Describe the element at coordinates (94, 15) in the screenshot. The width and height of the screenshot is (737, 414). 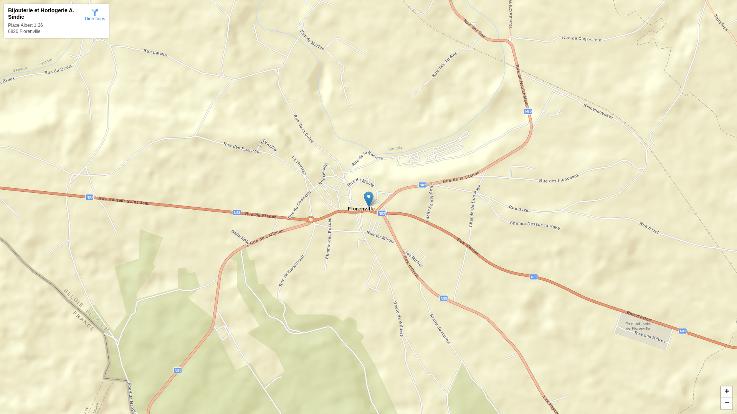
I see `'Directions'` at that location.